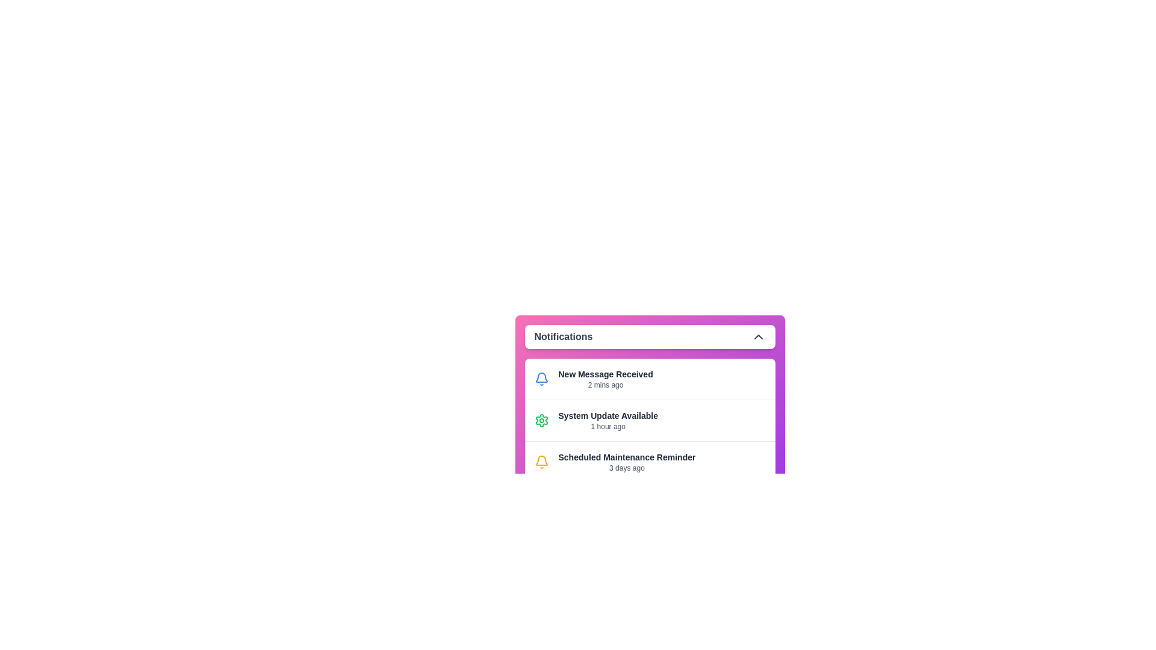 This screenshot has height=650, width=1156. I want to click on the Toggle Header element that allows users to expand or collapse the notification details, so click(649, 336).